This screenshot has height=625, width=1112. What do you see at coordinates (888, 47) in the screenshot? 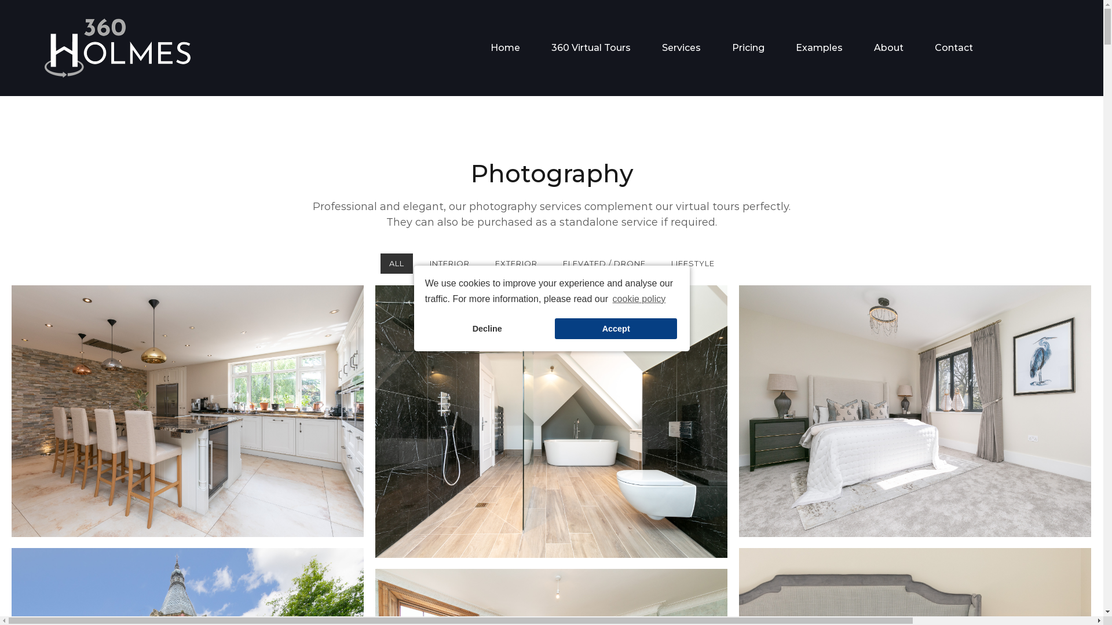
I see `'About'` at bounding box center [888, 47].